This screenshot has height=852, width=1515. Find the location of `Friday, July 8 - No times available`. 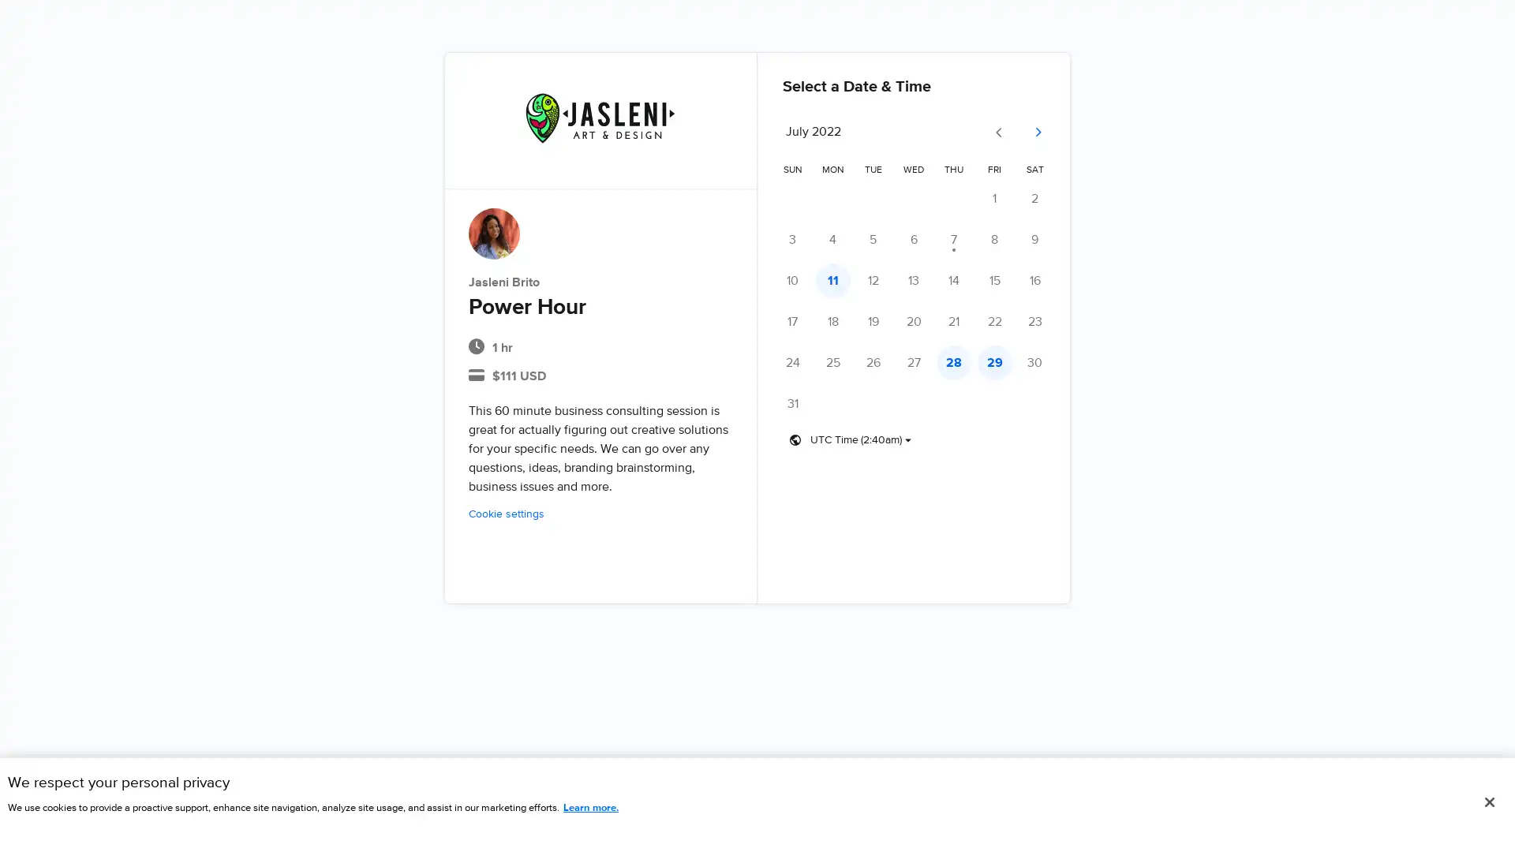

Friday, July 8 - No times available is located at coordinates (995, 240).